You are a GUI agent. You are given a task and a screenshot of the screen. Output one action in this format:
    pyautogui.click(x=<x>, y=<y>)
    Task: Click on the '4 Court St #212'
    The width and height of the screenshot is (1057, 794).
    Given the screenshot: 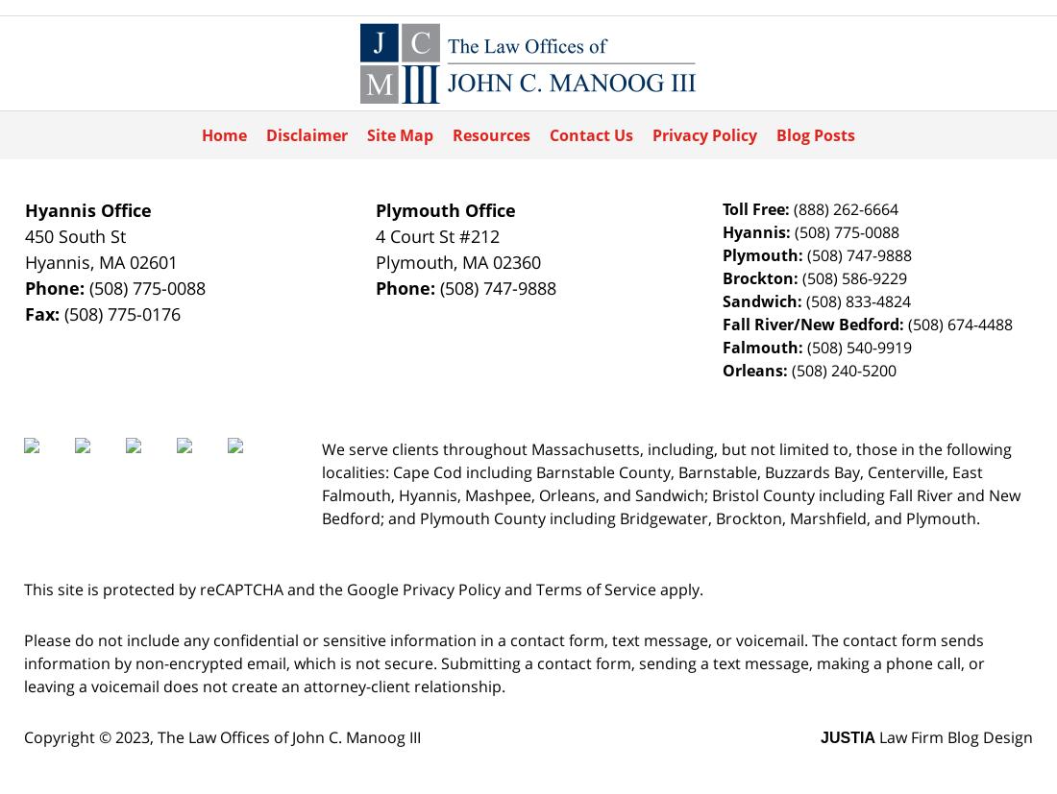 What is the action you would take?
    pyautogui.click(x=436, y=235)
    